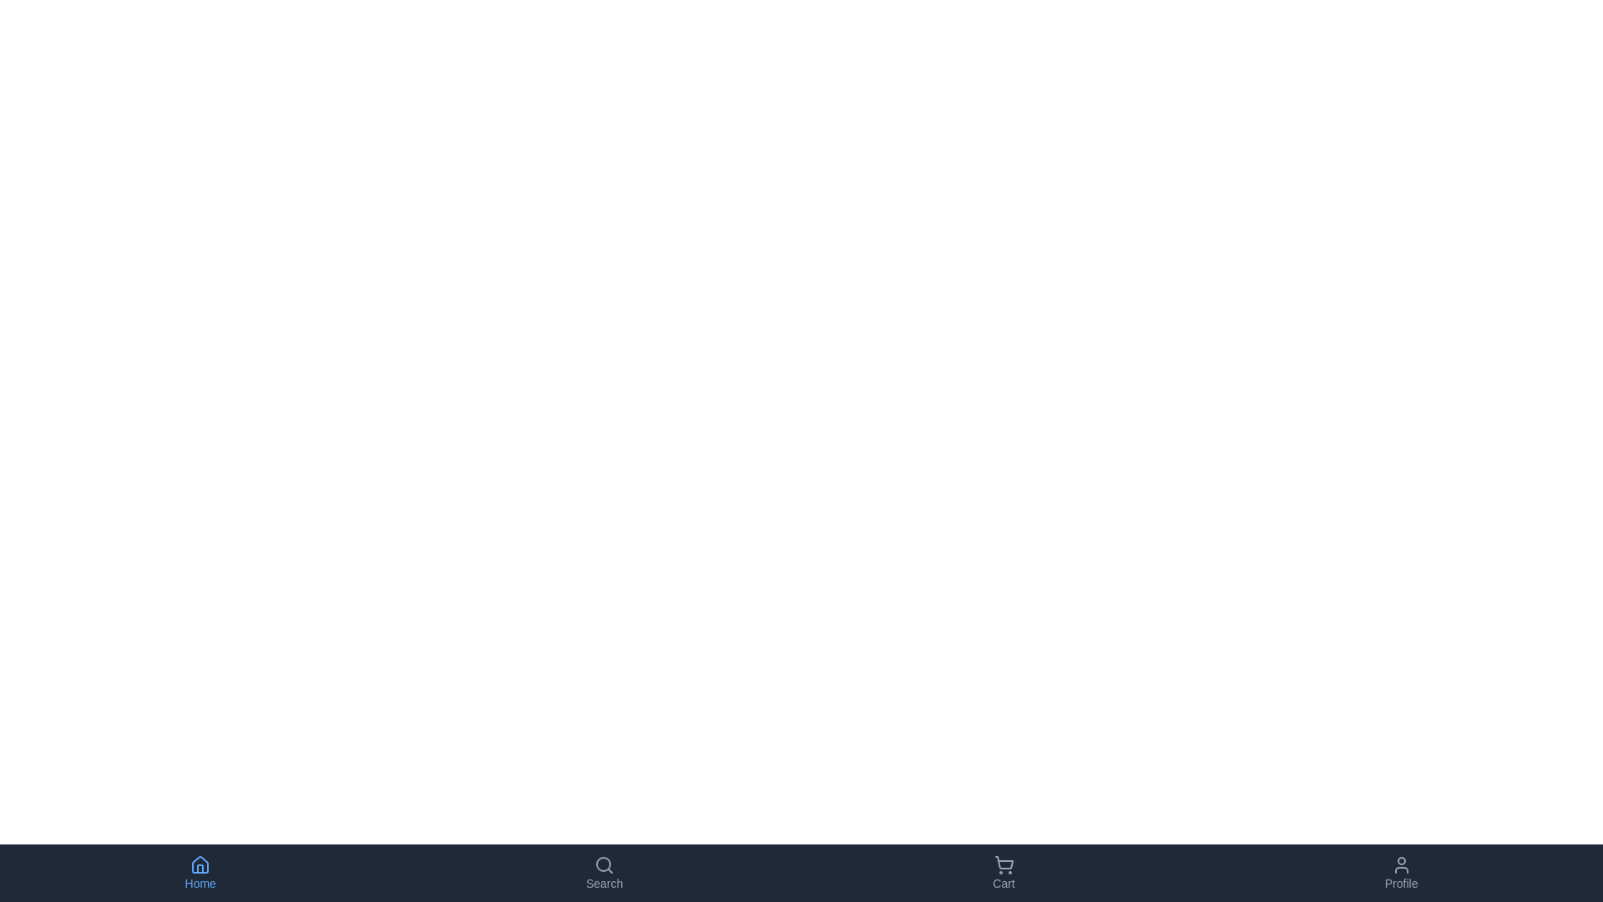 This screenshot has width=1603, height=902. I want to click on the 'Cart' button, which features a shopping cart icon above the text 'Cart', styled in grey and positioned at the bottom of the interface, so click(1003, 872).